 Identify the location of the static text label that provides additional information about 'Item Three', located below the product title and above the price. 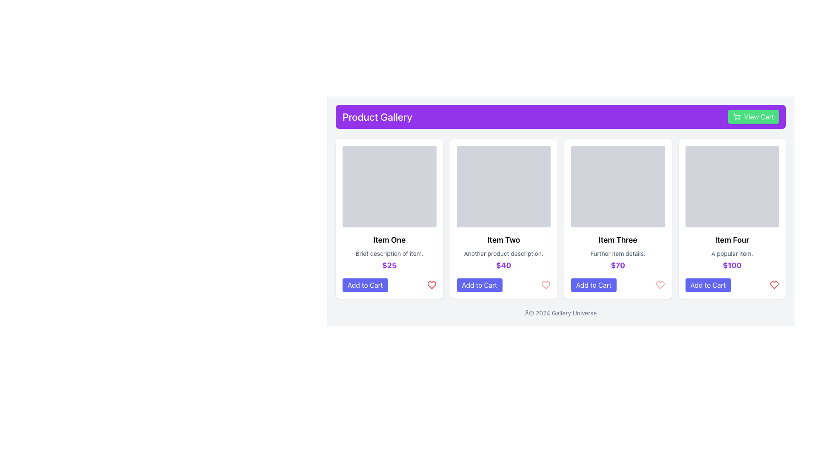
(618, 253).